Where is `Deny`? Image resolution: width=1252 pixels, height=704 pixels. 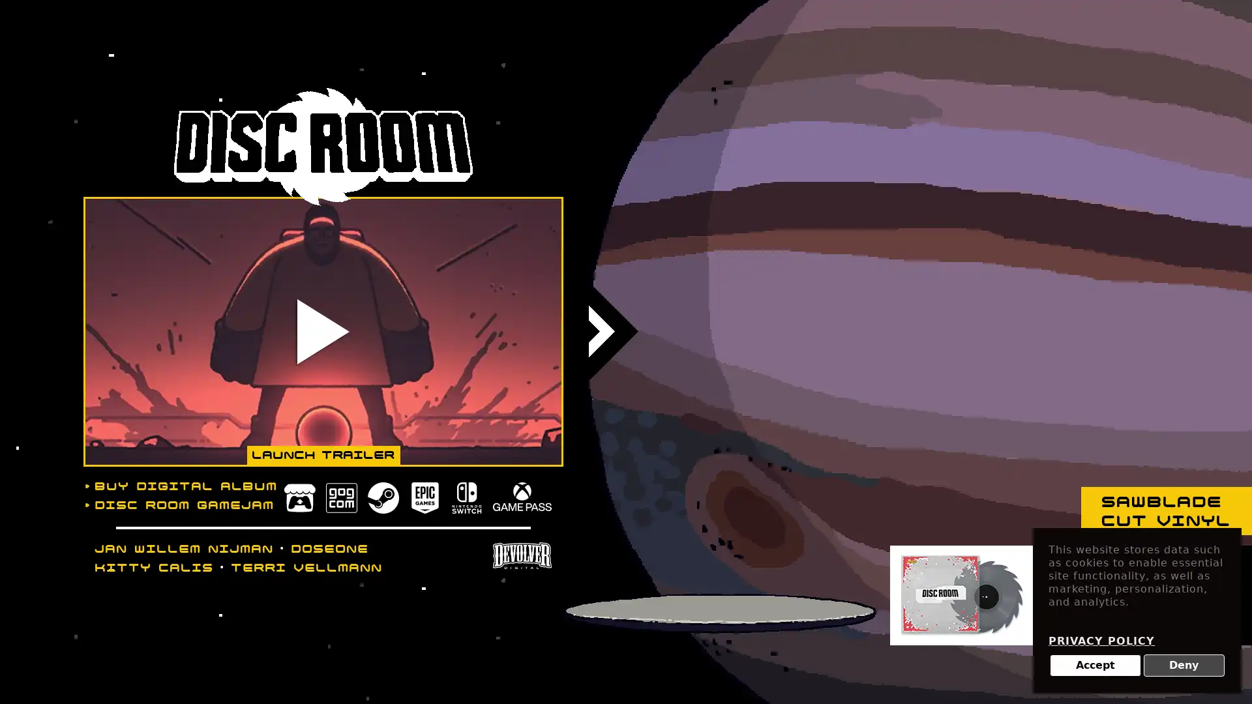
Deny is located at coordinates (1184, 666).